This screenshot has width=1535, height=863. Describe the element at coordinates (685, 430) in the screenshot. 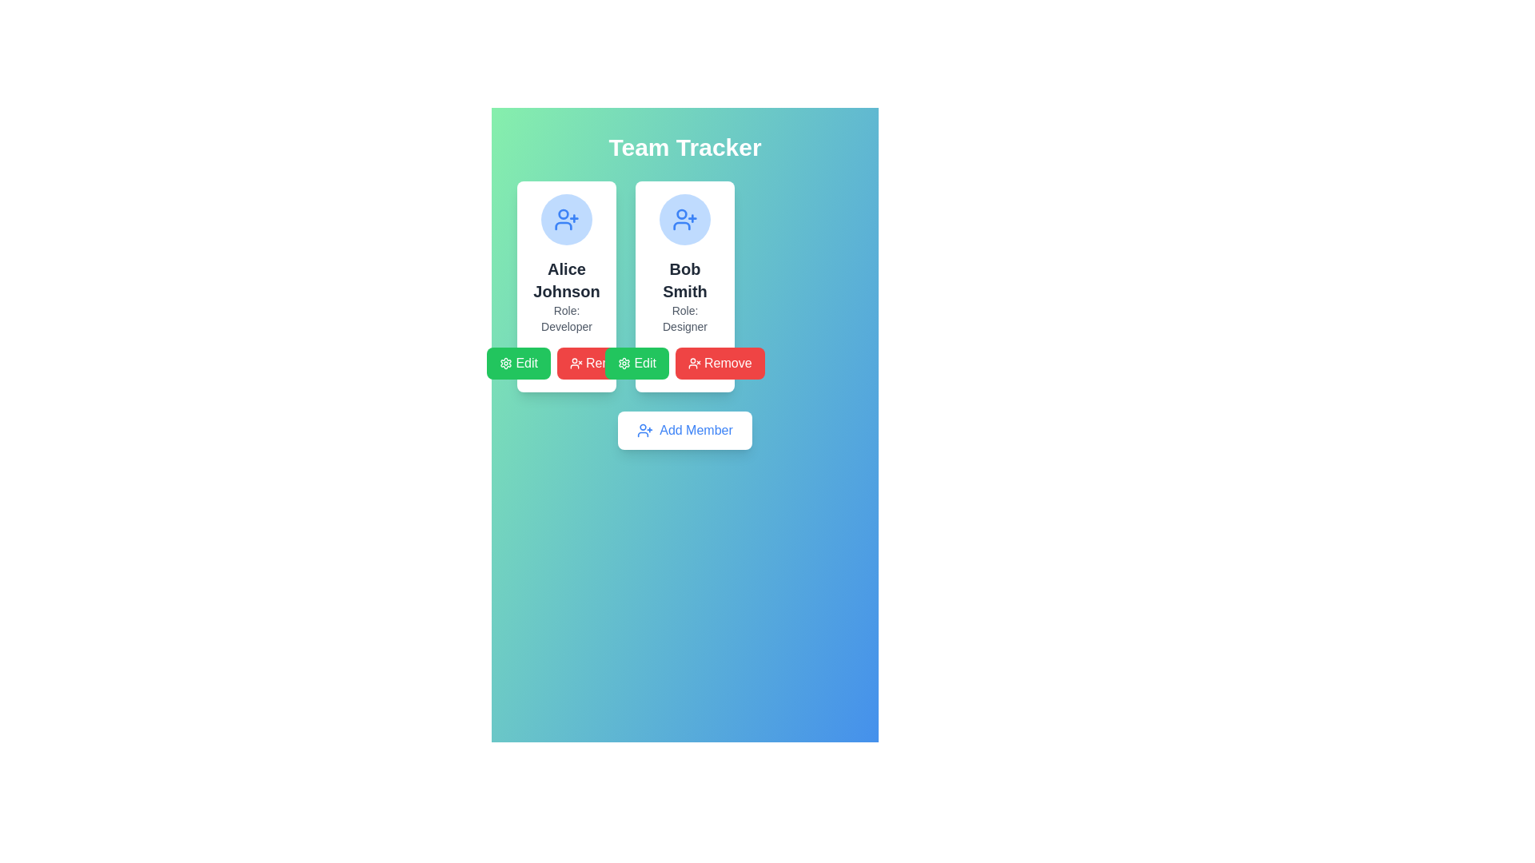

I see `the 'Add Member' button, which has a white background, rounded edges, and blue text, located at the bottom of a section below user cards labeled 'Alice Johnson' and 'Bob Smith'` at that location.